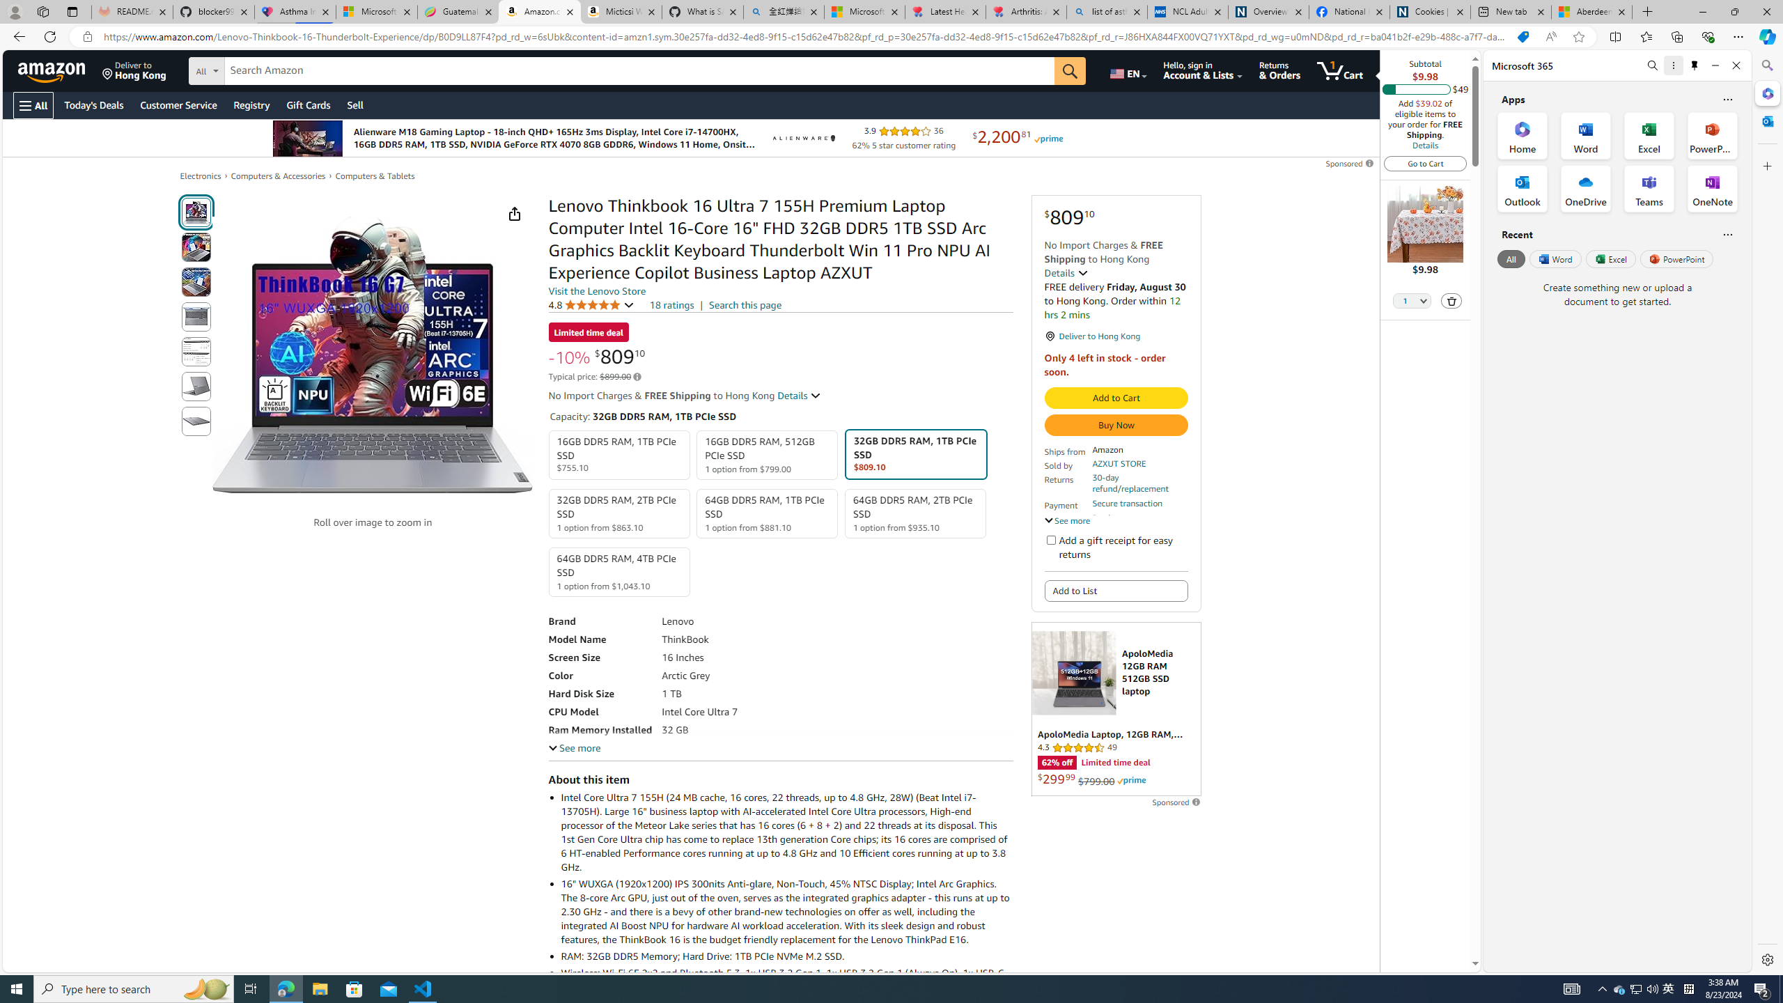 Image resolution: width=1783 pixels, height=1003 pixels. Describe the element at coordinates (1522, 189) in the screenshot. I see `'Outlook Office App'` at that location.